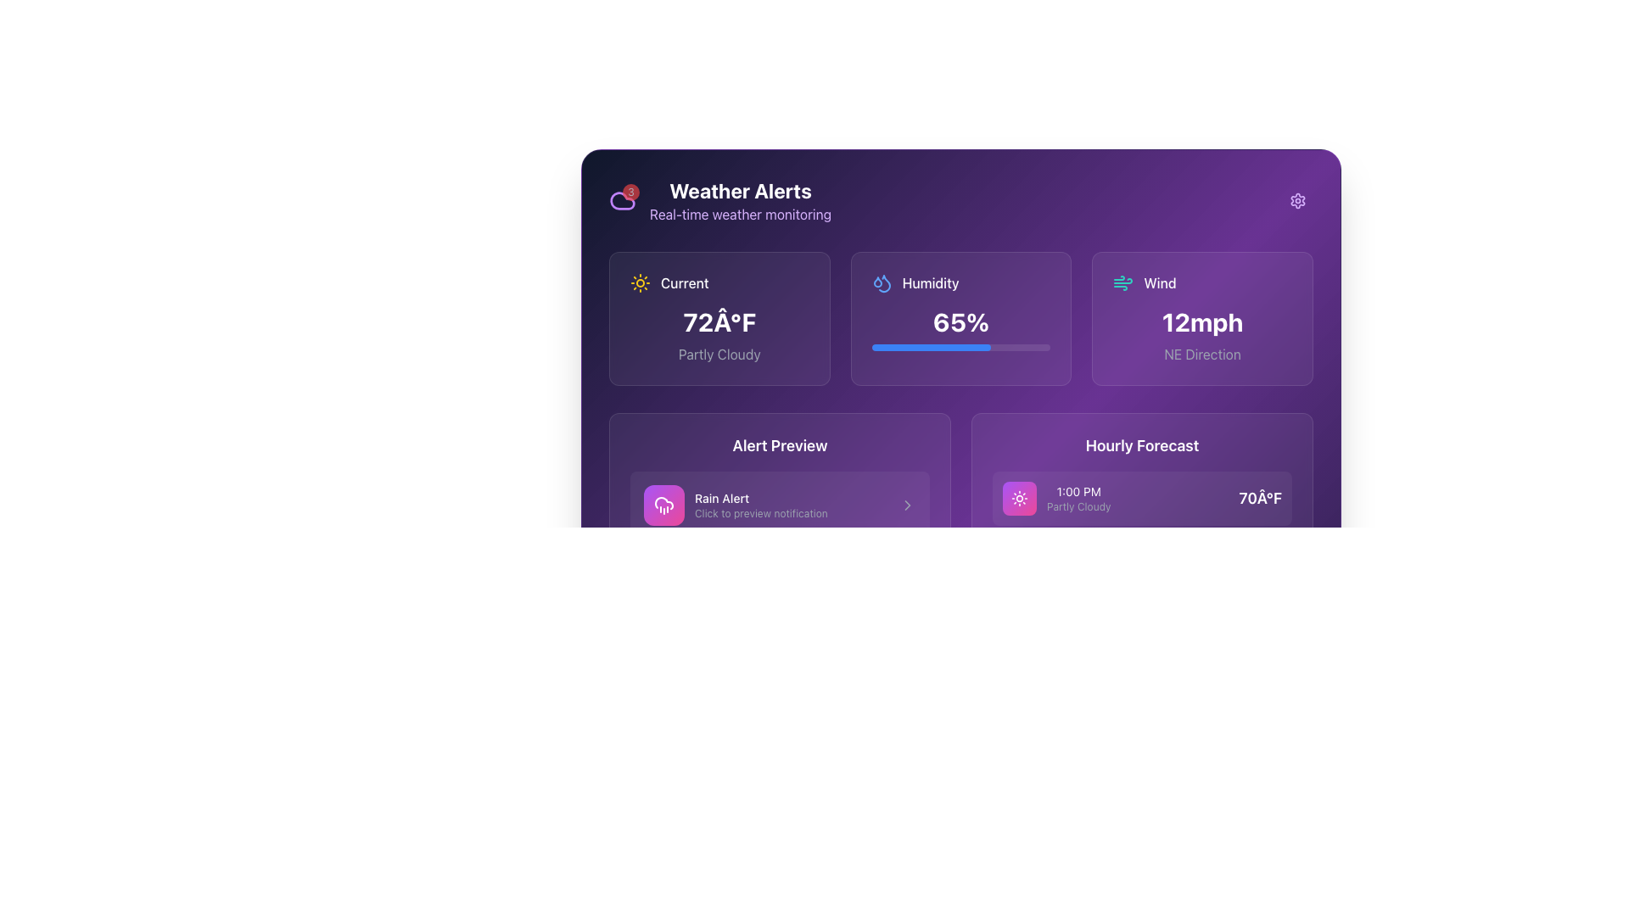 The image size is (1629, 916). I want to click on the text block that serves as a title and description section for weather alert information located near the top-left of the interface, beneath an icon with a red notification badge, so click(741, 199).